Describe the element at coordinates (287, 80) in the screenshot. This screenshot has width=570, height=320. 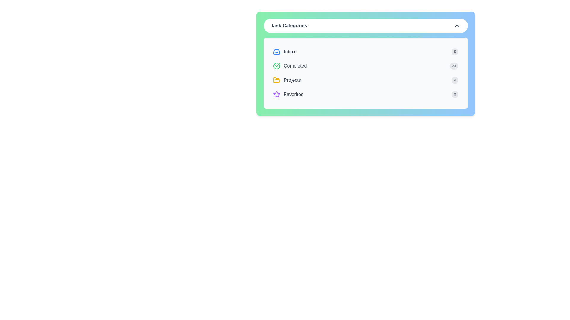
I see `the 'Projects' icon button in the sidebar card, which is the third entry under the 'Task Categories' heading` at that location.